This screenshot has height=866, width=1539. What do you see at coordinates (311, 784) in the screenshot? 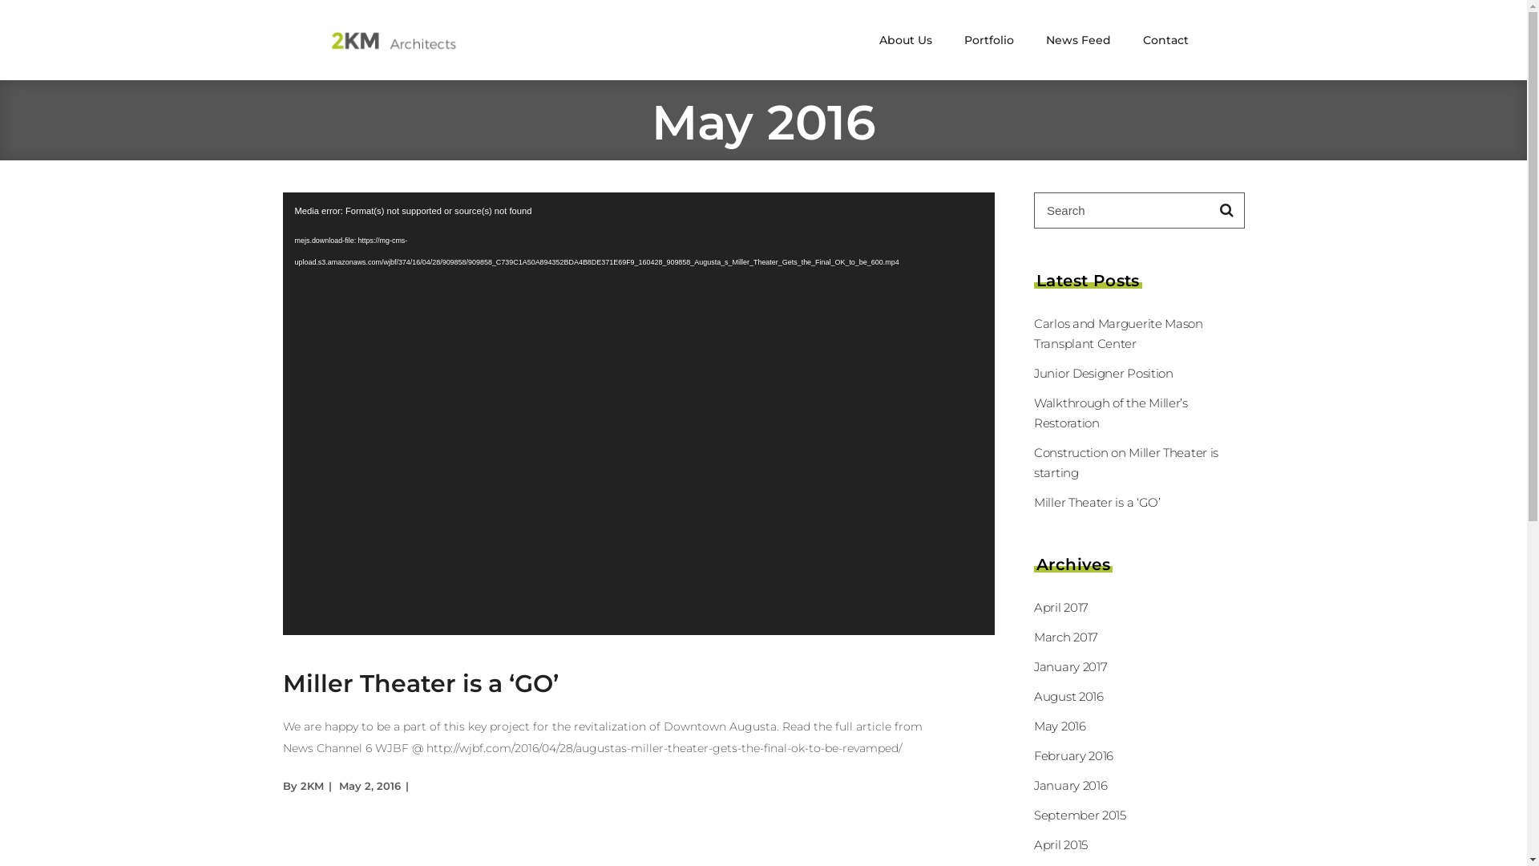
I see `'2KM'` at bounding box center [311, 784].